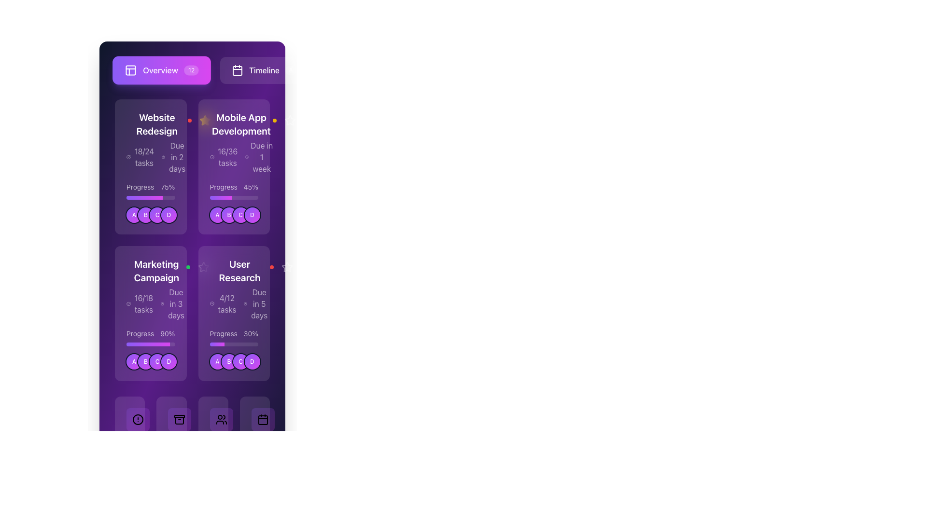 This screenshot has height=521, width=927. I want to click on the text label displaying the current progress percentage (75%) for the task 'Website Redesign', which is located to the right of the 'Progress' label, so click(168, 187).